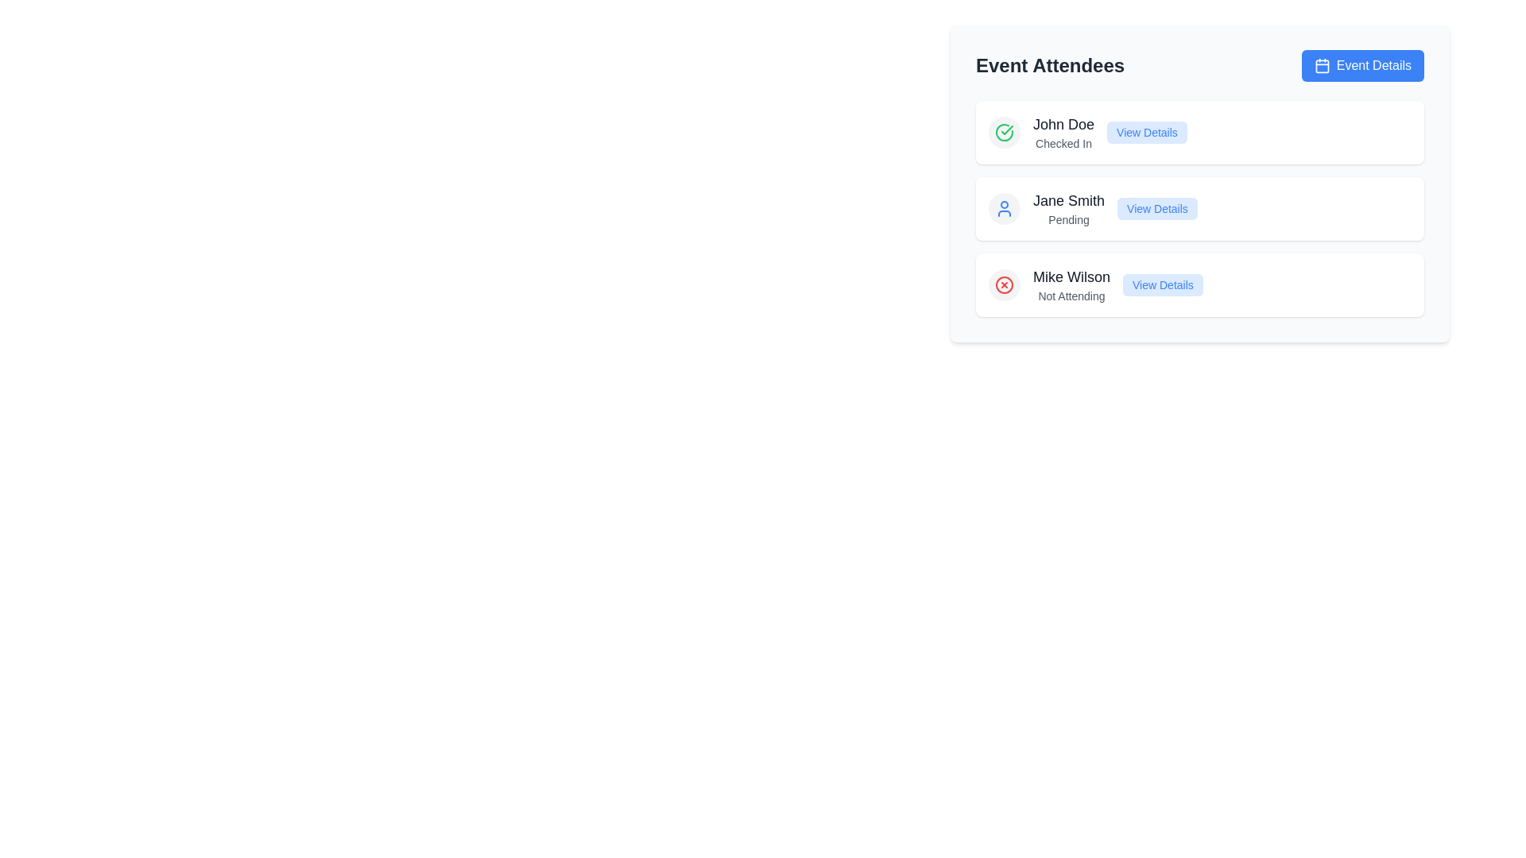 This screenshot has width=1526, height=858. Describe the element at coordinates (1003, 131) in the screenshot. I see `the small circular icon with a gray background and a green check mark, located to the left of the name 'John Doe' in the 'Event Attendees' section` at that location.